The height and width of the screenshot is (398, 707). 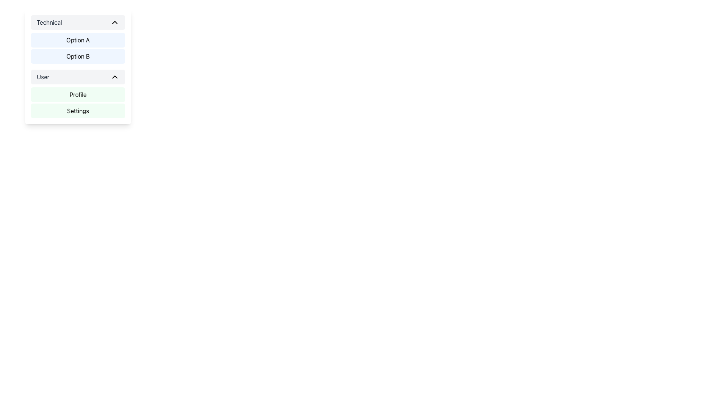 I want to click on the options 'Option A' and 'Option B' in the 'Technical' dropdown menu, so click(x=78, y=39).